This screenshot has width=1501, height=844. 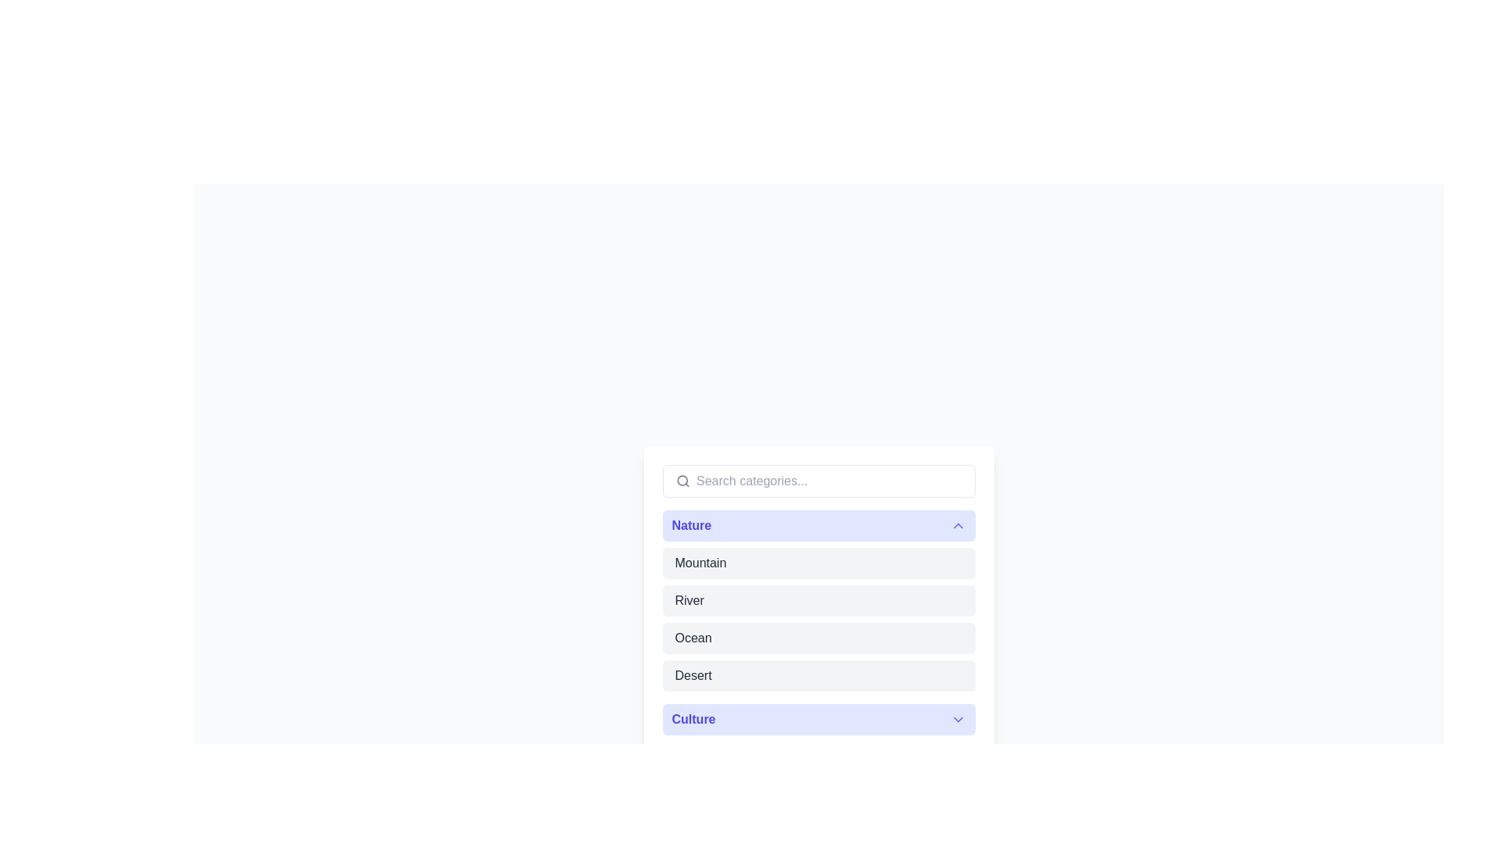 I want to click on the third item in the 'Nature' dropdown menu, so click(x=693, y=638).